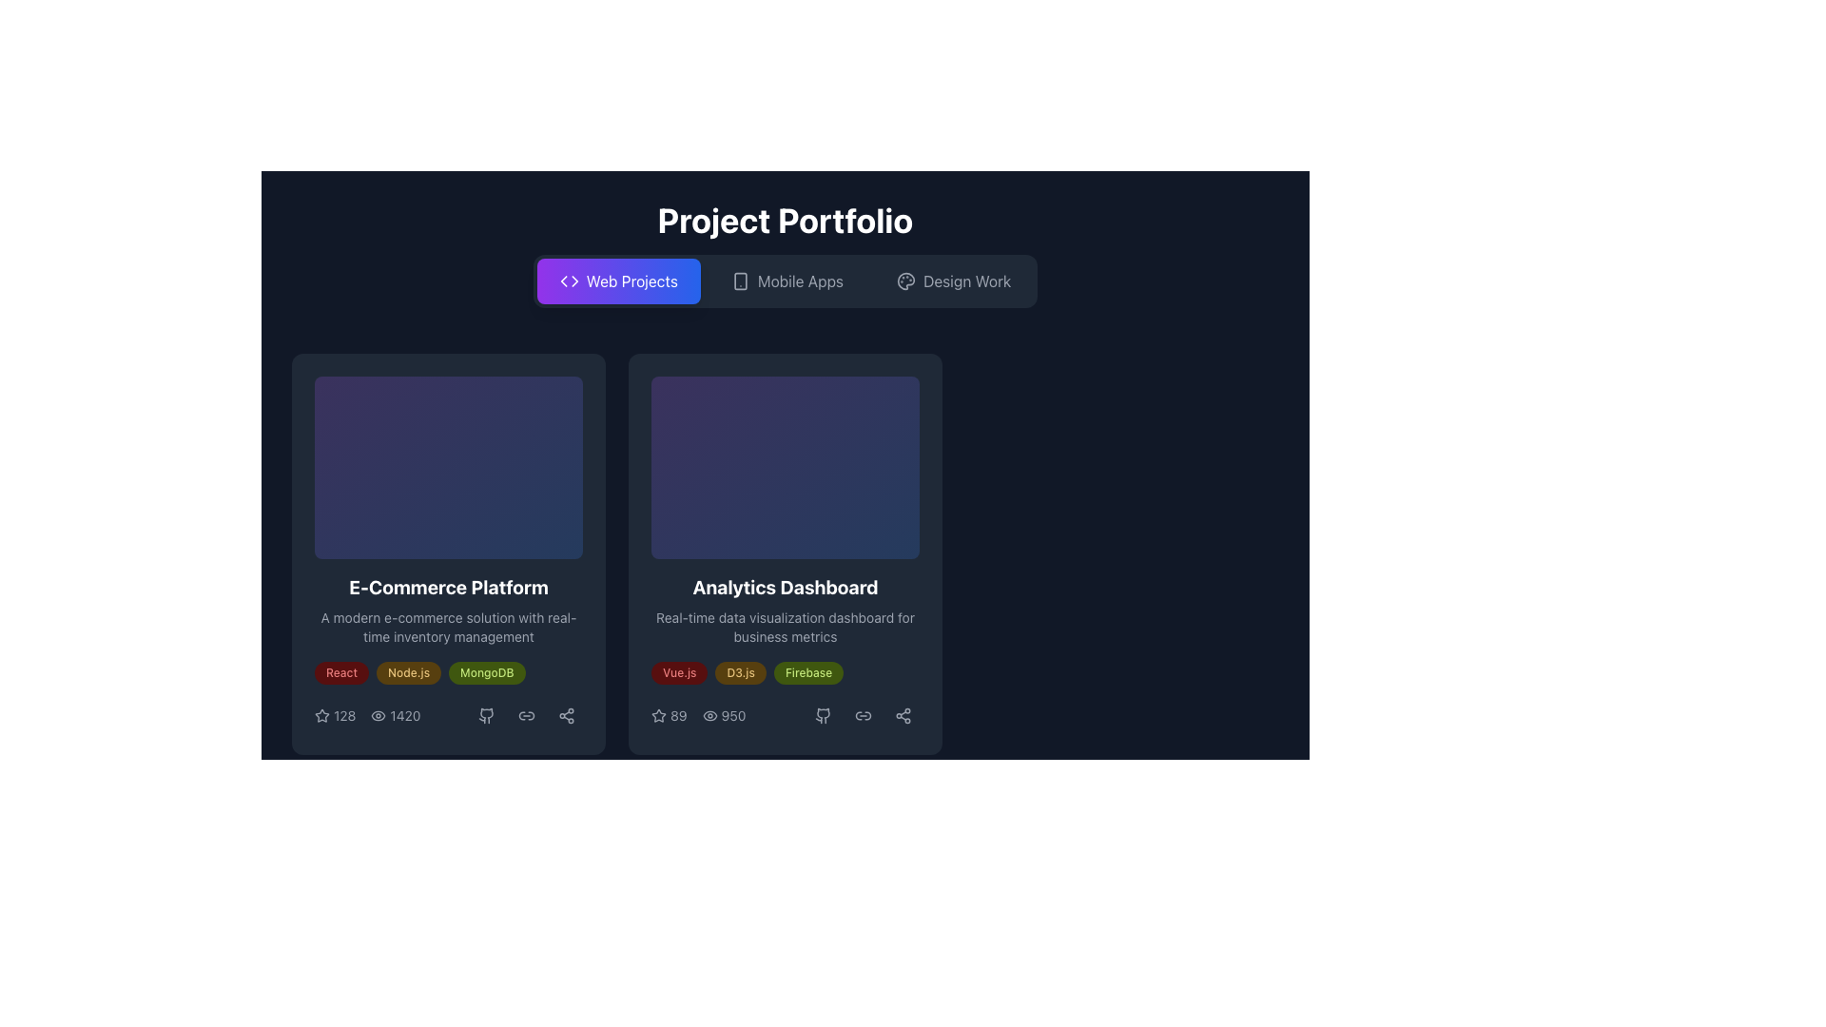  What do you see at coordinates (954, 281) in the screenshot?
I see `the 'Design Work' button` at bounding box center [954, 281].